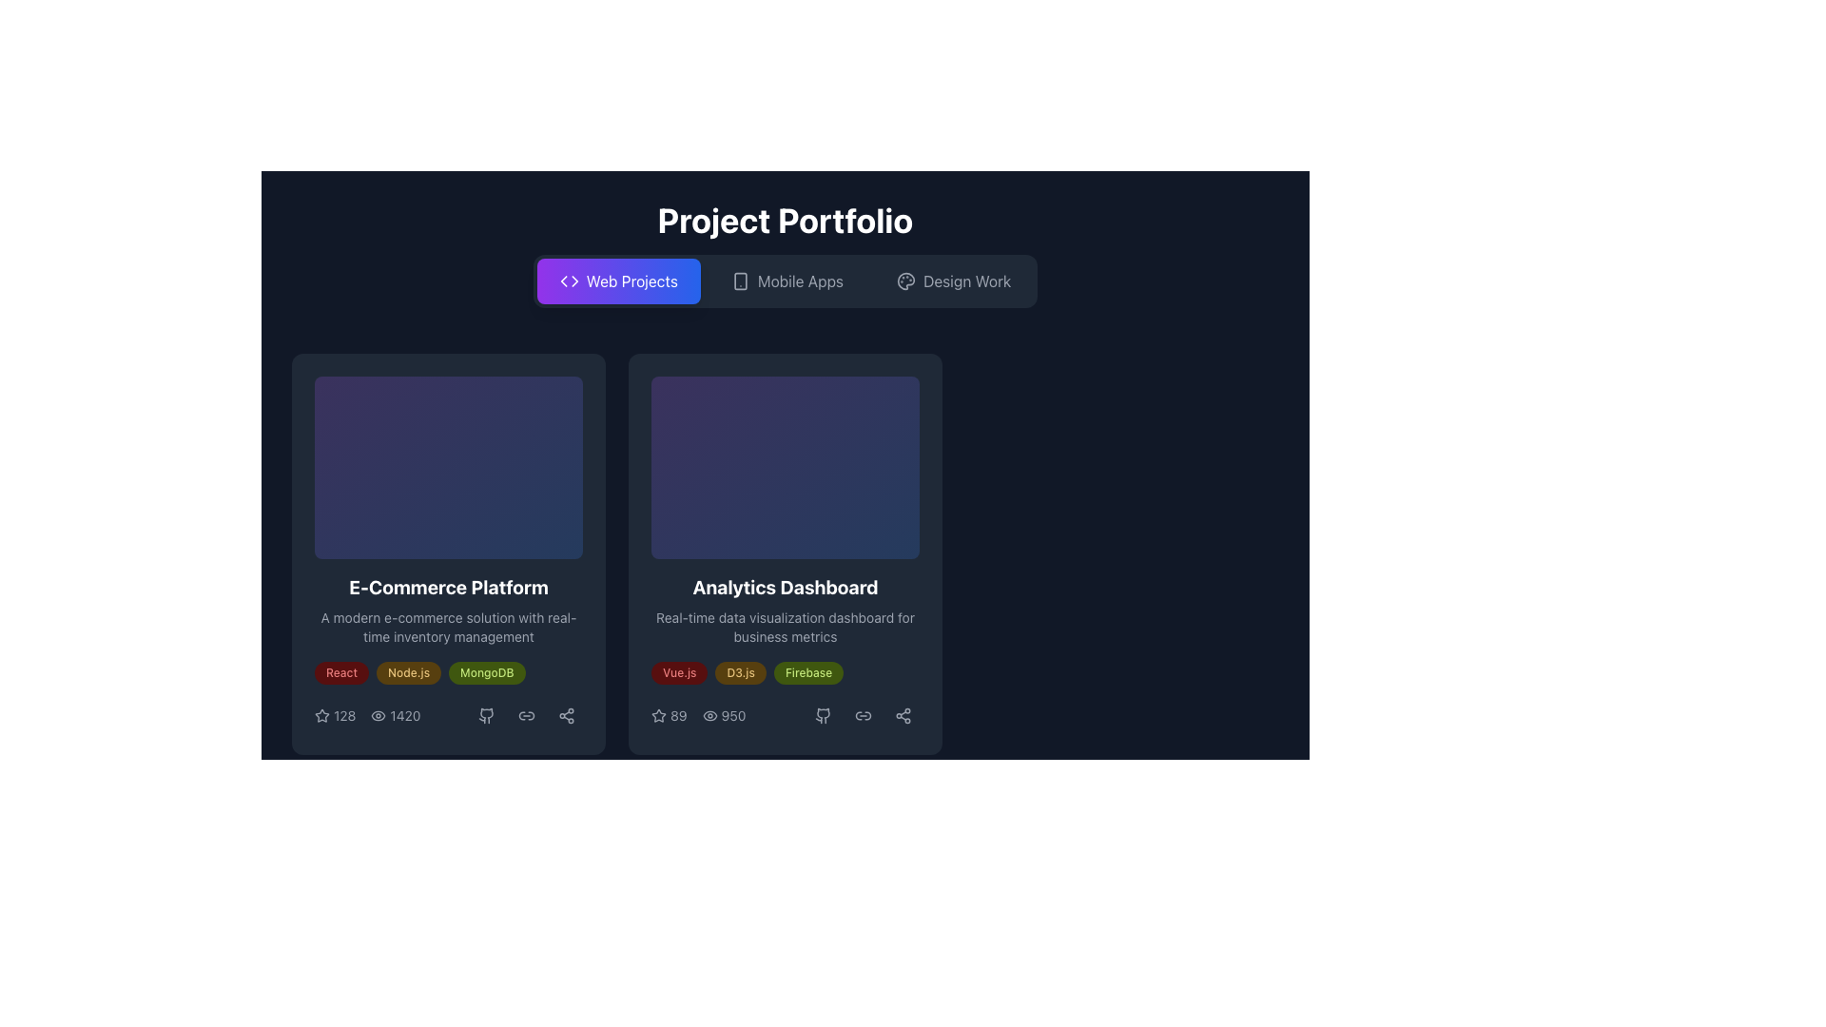  What do you see at coordinates (954, 281) in the screenshot?
I see `the 'Design Work' button` at bounding box center [954, 281].